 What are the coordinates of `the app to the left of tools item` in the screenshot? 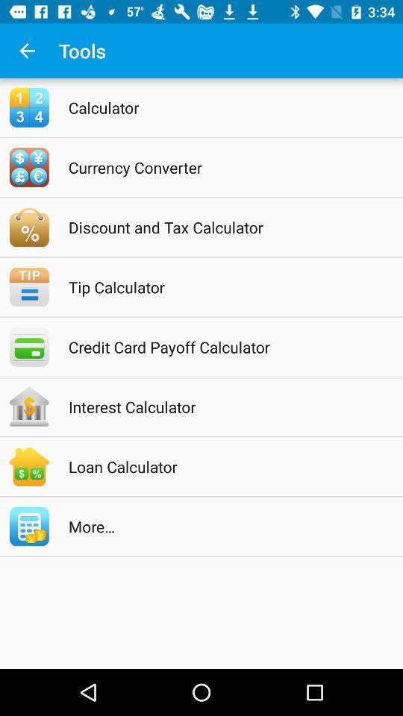 It's located at (27, 51).